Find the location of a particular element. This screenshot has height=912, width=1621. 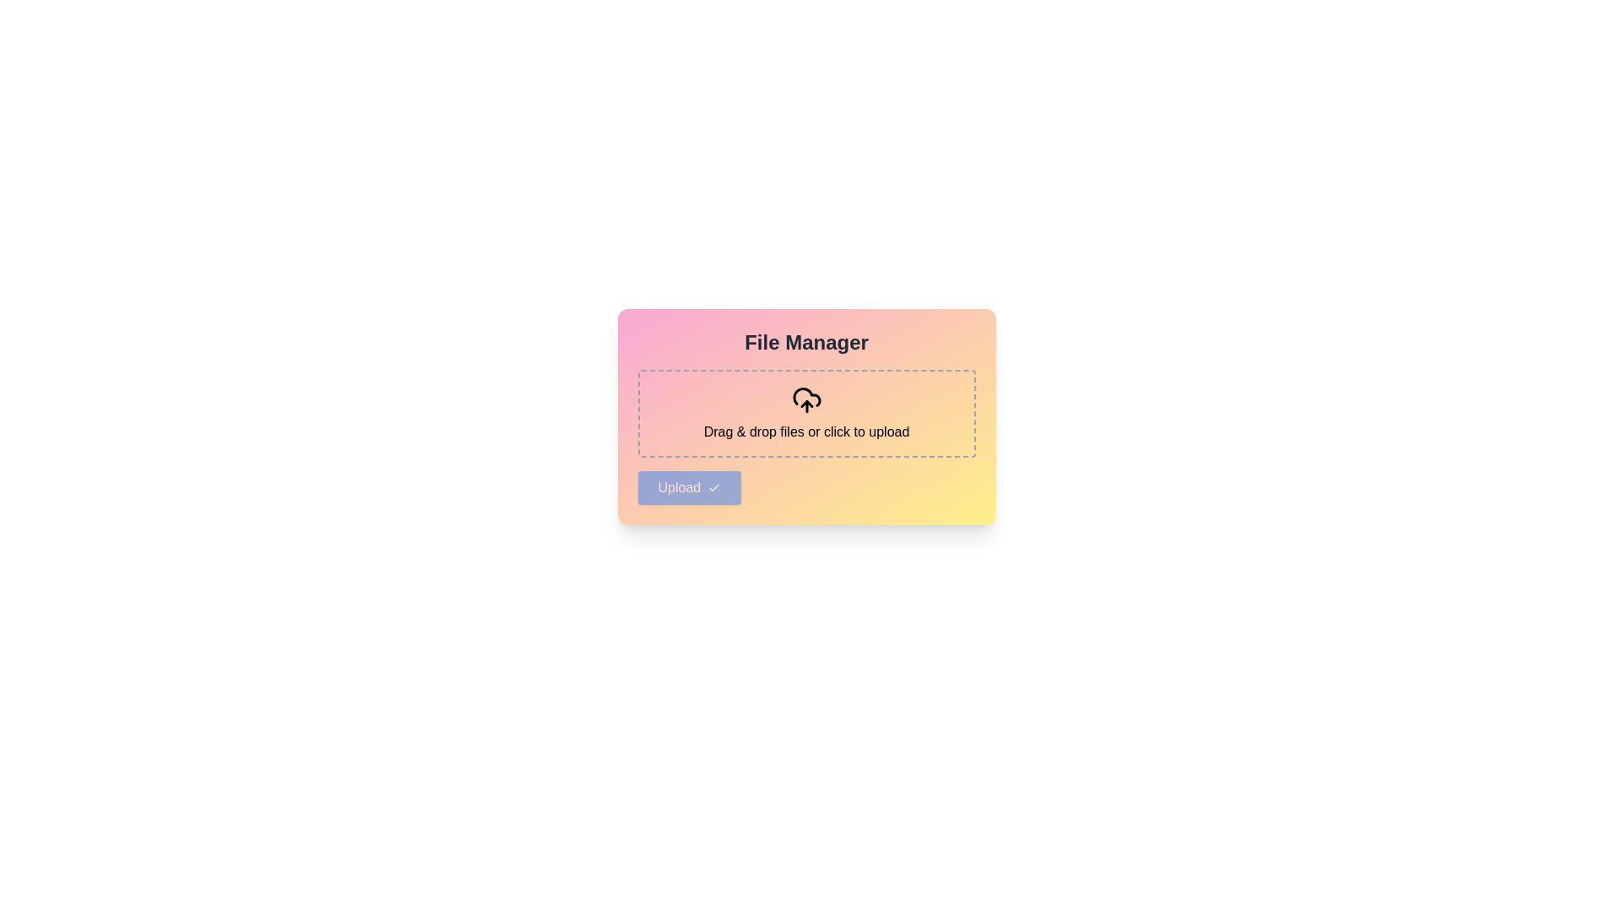

cloud upload icon within the dashed rectangular box located in the 'File Manager' panel by right-clicking on it is located at coordinates (805, 400).